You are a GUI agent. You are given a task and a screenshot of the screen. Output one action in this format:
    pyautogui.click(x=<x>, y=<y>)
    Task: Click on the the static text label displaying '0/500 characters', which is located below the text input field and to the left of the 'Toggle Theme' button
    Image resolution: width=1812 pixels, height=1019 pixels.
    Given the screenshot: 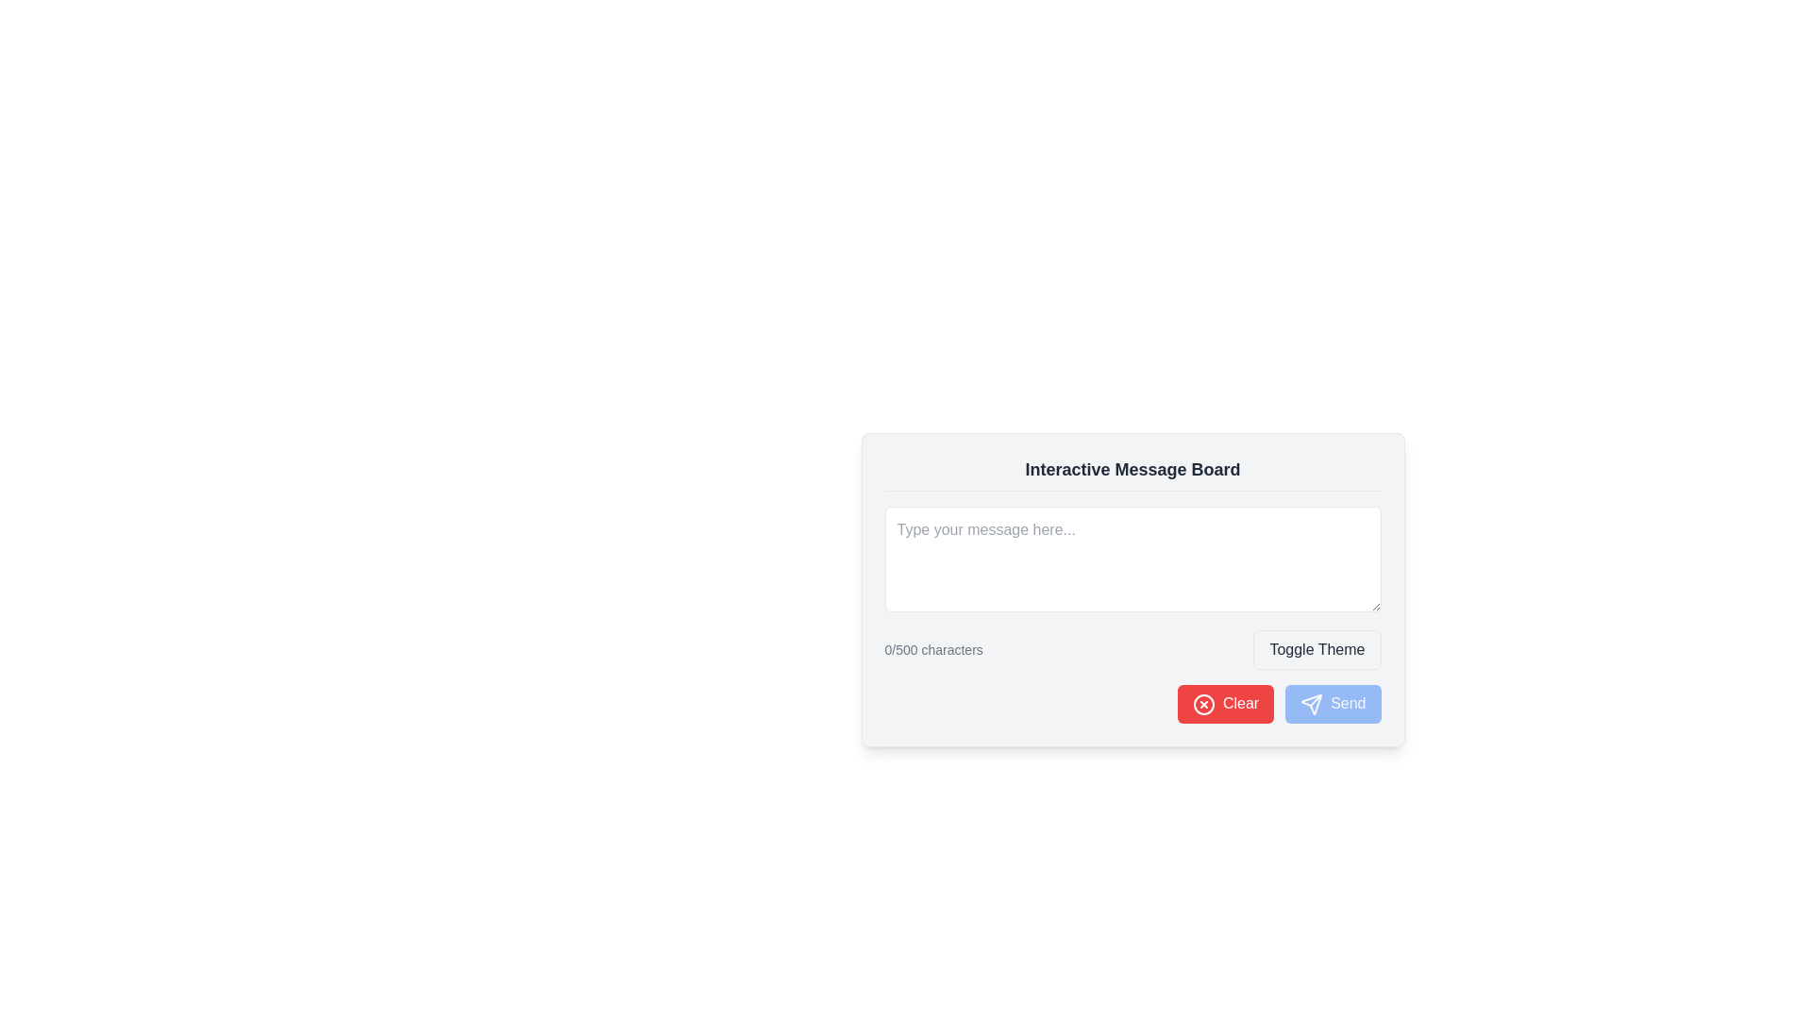 What is the action you would take?
    pyautogui.click(x=933, y=649)
    